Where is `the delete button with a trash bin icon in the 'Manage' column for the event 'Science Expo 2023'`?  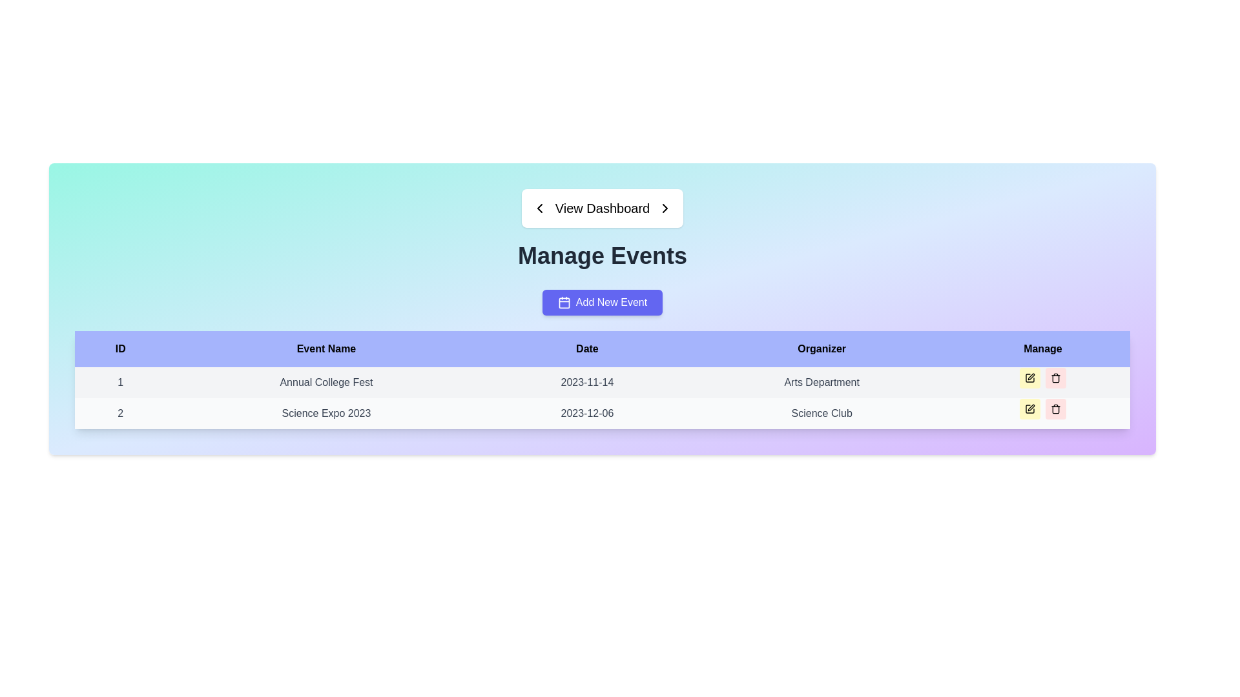
the delete button with a trash bin icon in the 'Manage' column for the event 'Science Expo 2023' is located at coordinates (1055, 409).